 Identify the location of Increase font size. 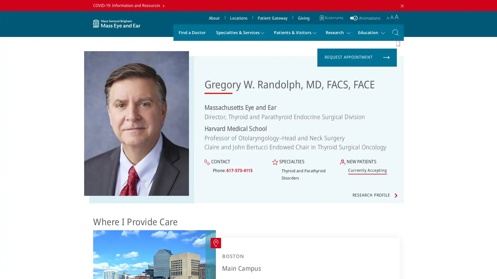
(392, 17).